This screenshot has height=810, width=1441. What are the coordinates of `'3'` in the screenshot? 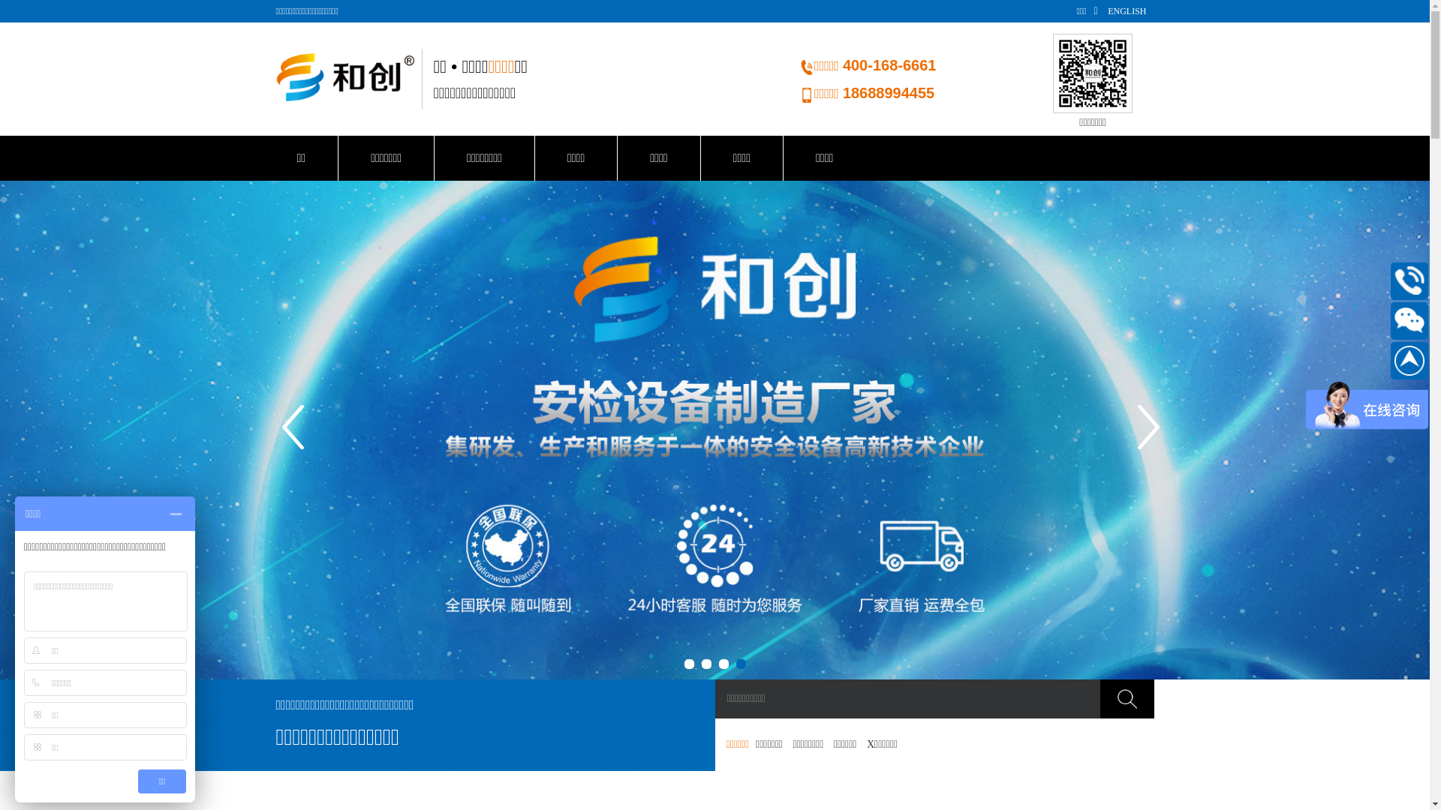 It's located at (724, 663).